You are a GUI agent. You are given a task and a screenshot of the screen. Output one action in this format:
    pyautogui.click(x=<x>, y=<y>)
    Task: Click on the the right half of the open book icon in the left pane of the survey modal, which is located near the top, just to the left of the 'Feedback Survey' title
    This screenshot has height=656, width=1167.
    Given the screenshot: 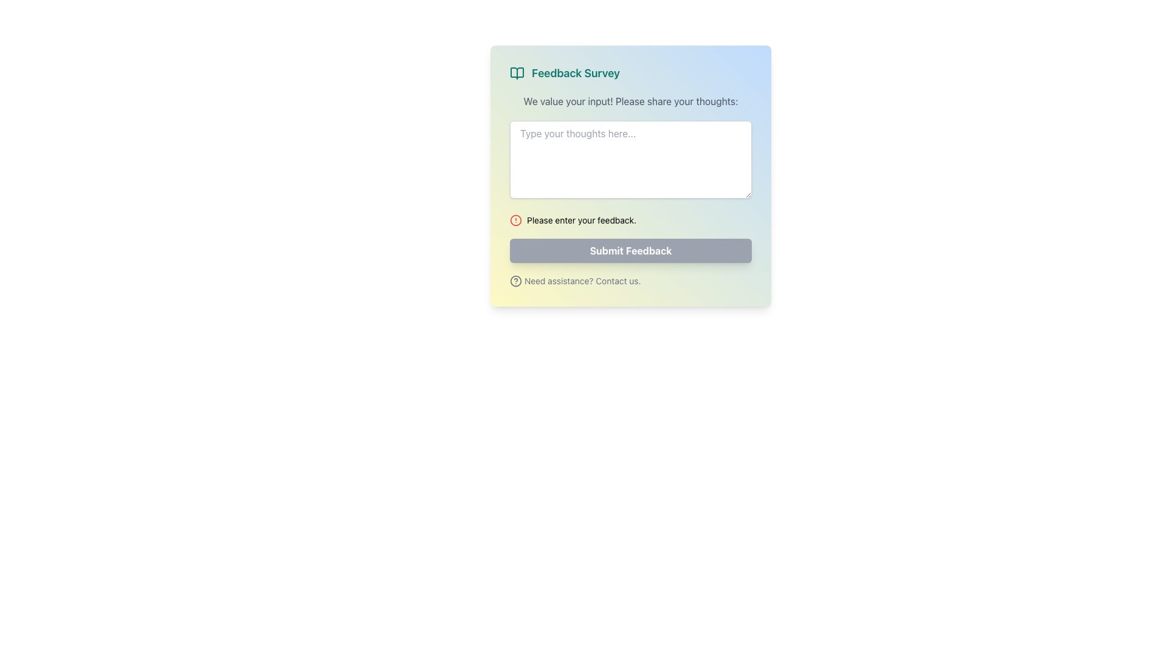 What is the action you would take?
    pyautogui.click(x=517, y=73)
    